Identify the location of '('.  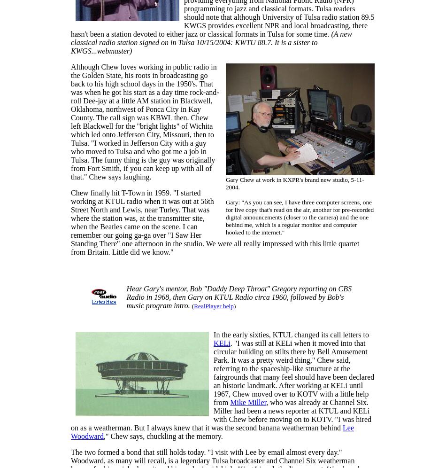
(191, 305).